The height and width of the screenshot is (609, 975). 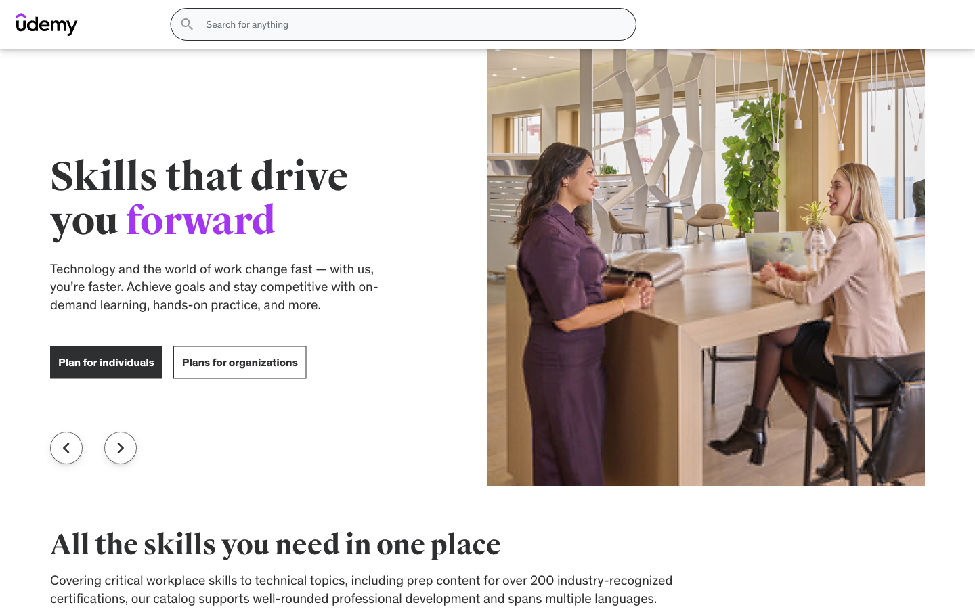 What do you see at coordinates (165, 213) in the screenshot?
I see `Filter the models by size of the shoes` at bounding box center [165, 213].